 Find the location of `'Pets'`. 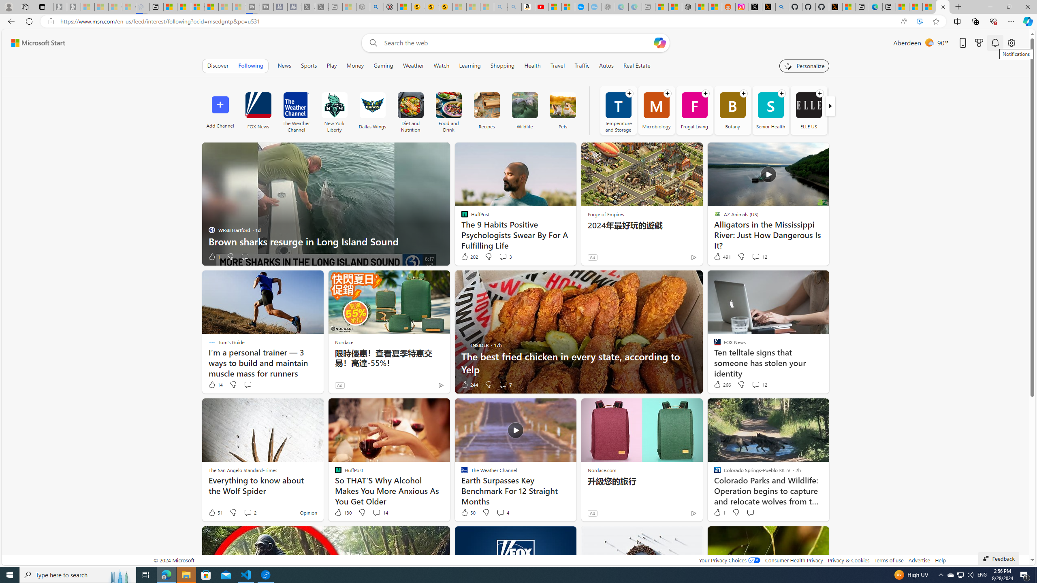

'Pets' is located at coordinates (563, 110).